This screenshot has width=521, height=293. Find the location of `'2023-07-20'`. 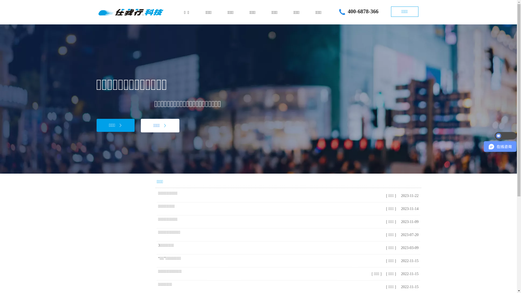

'2023-07-20' is located at coordinates (409, 234).